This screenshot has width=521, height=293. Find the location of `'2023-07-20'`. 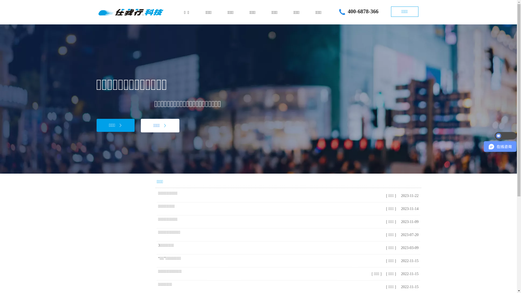

'2023-07-20' is located at coordinates (409, 234).